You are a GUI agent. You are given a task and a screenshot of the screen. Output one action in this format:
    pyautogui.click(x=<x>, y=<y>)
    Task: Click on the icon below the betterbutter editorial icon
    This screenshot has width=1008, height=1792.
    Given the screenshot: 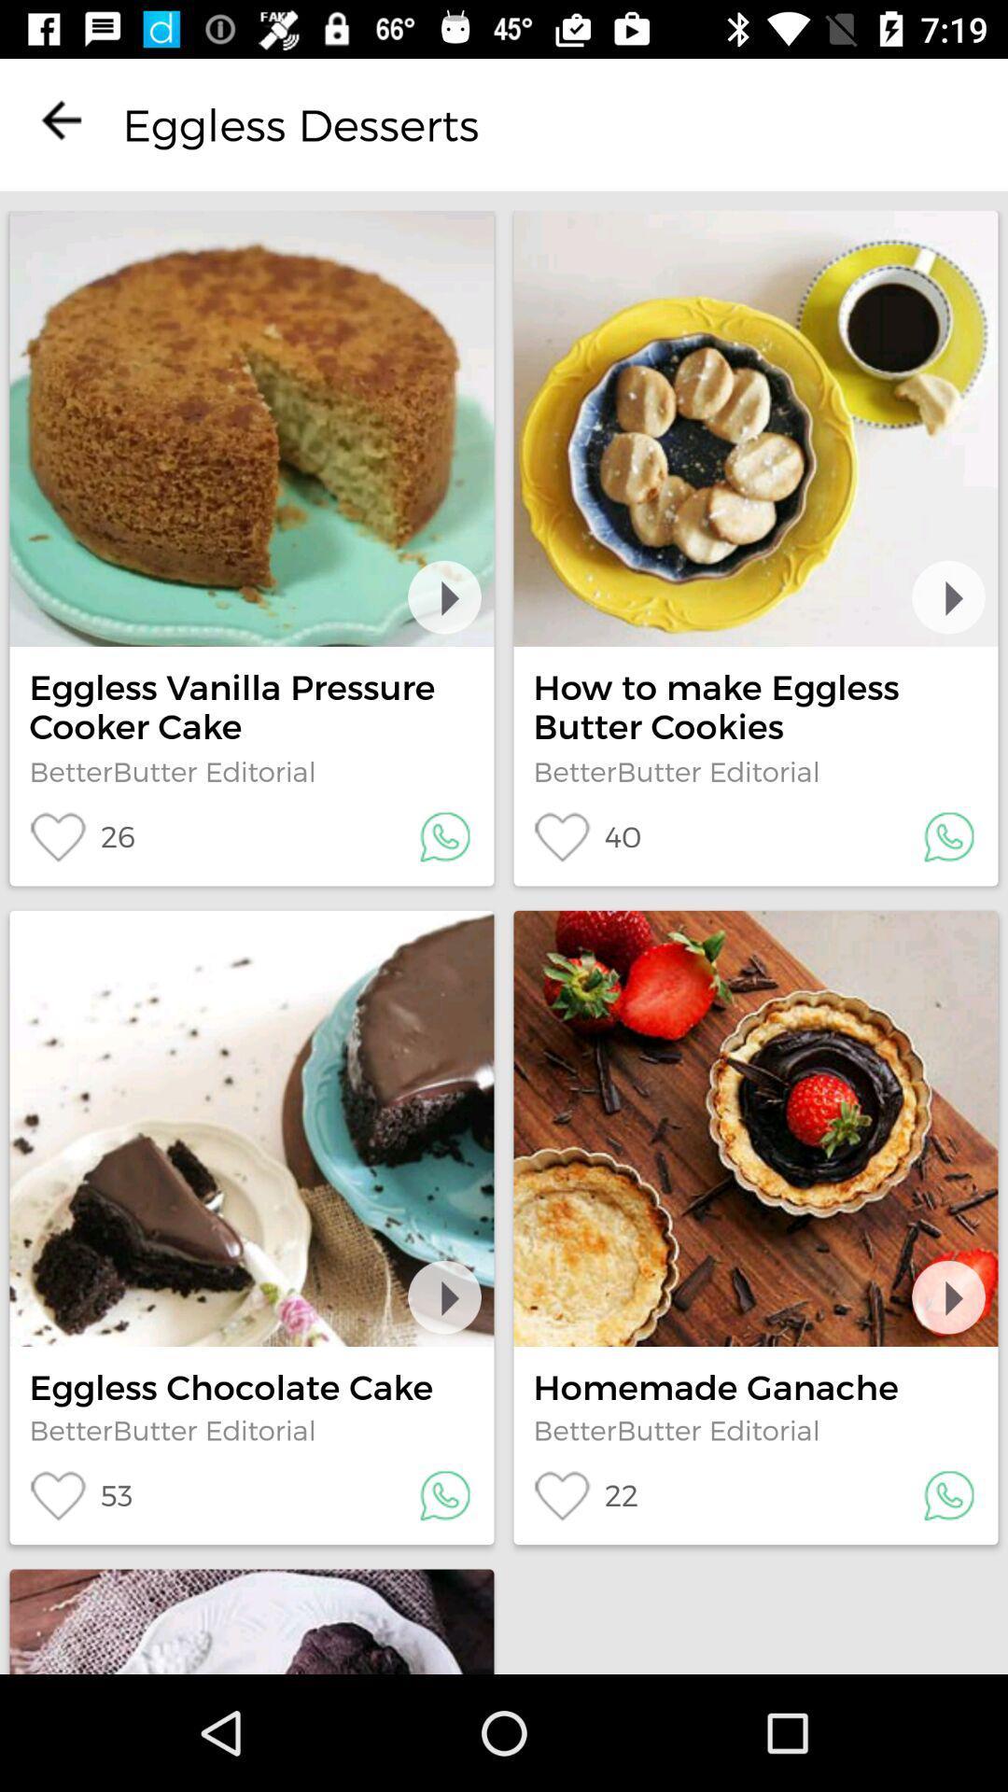 What is the action you would take?
    pyautogui.click(x=584, y=1495)
    